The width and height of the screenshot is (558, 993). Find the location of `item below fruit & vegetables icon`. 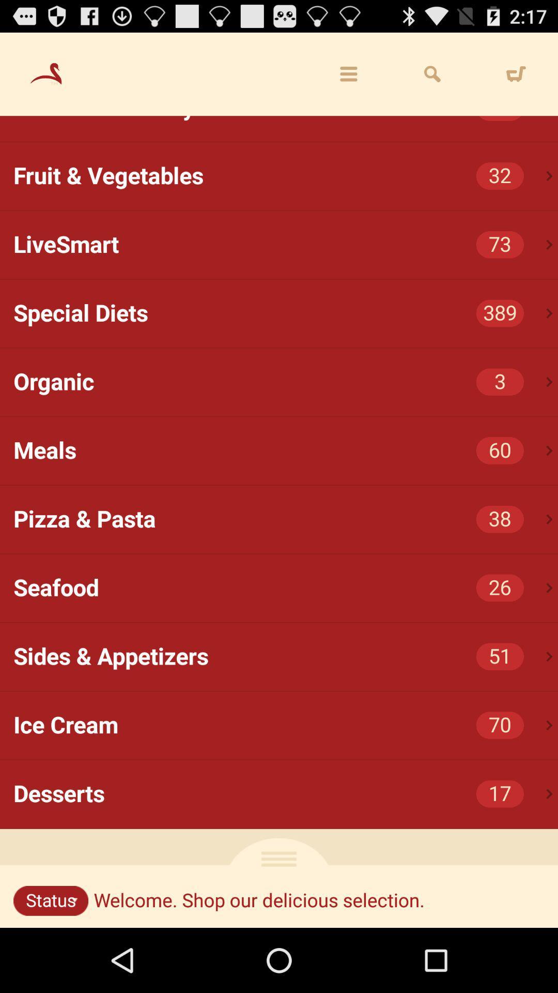

item below fruit & vegetables icon is located at coordinates (286, 244).